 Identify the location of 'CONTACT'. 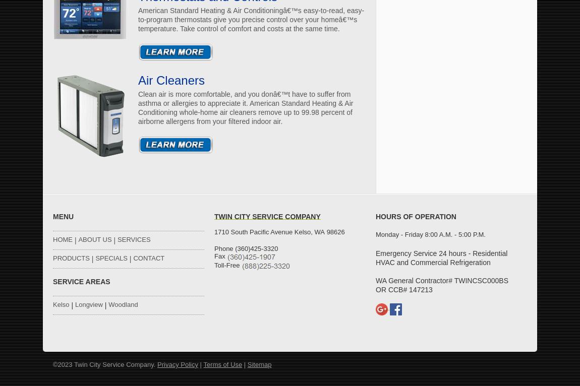
(148, 258).